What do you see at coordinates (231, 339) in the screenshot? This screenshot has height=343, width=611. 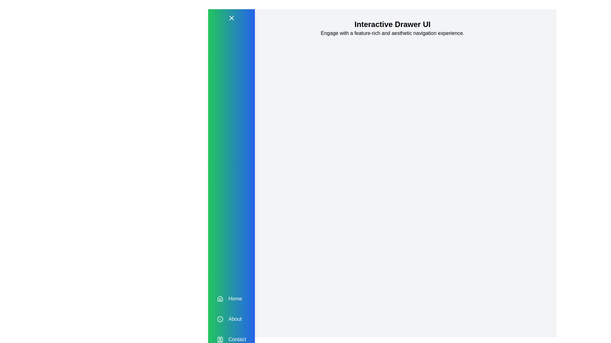 I see `the 'Contact' menu item in the drawer` at bounding box center [231, 339].